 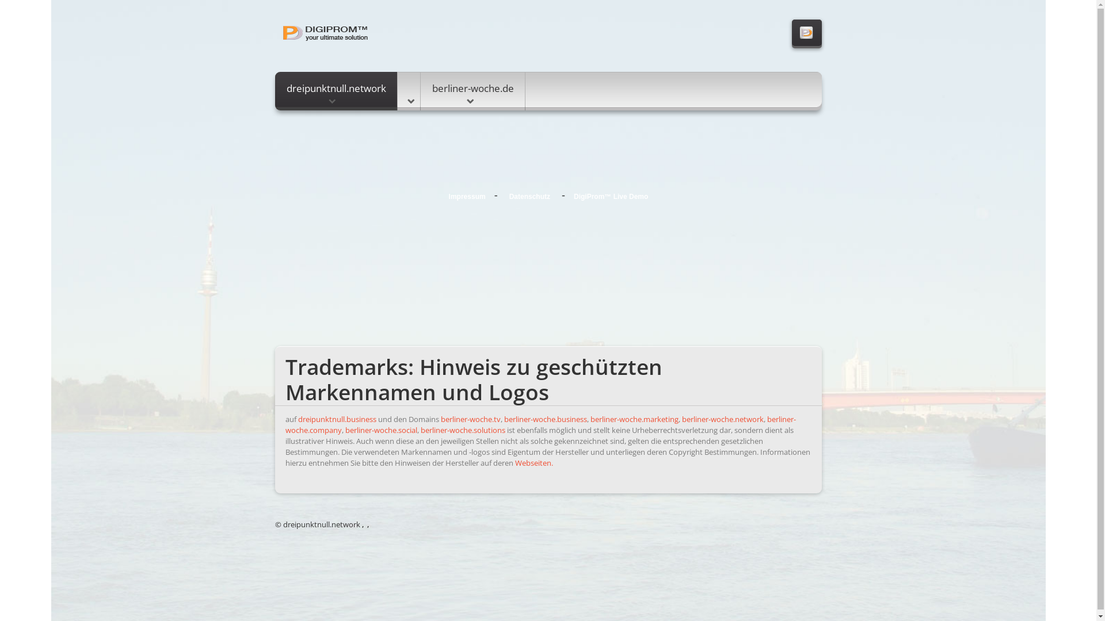 What do you see at coordinates (298, 419) in the screenshot?
I see `'dreipunktnull.business'` at bounding box center [298, 419].